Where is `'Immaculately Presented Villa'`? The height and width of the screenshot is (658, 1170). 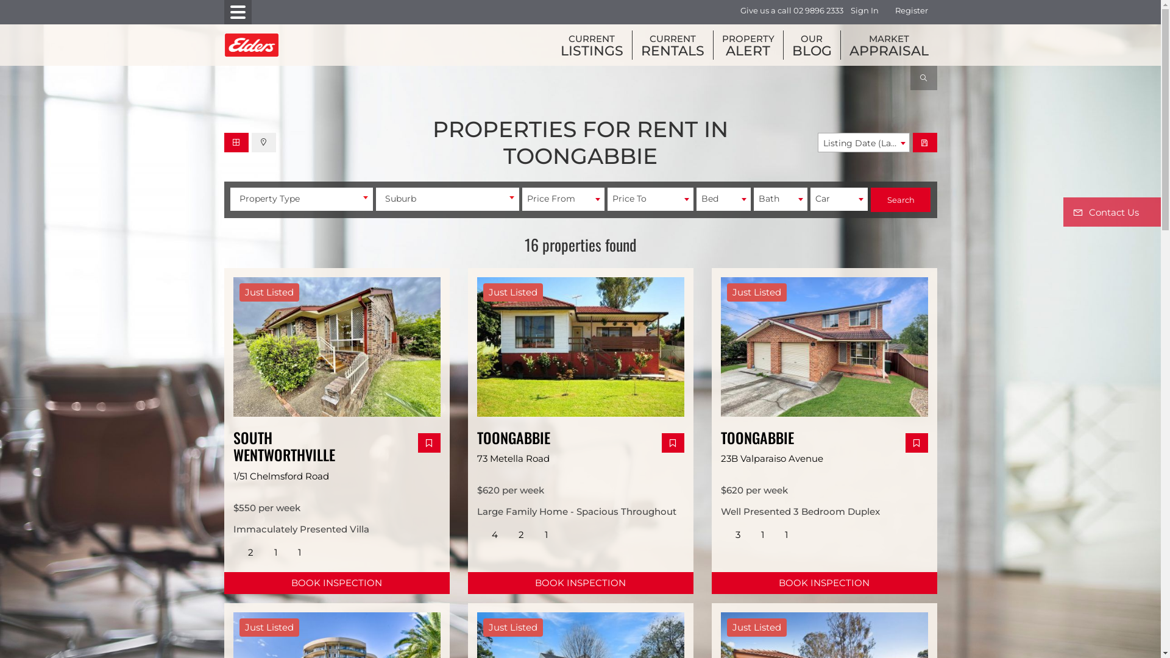 'Immaculately Presented Villa' is located at coordinates (300, 528).